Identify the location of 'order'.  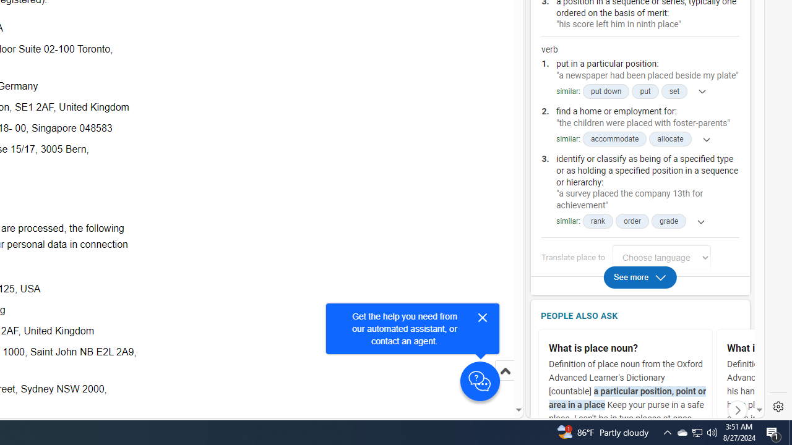
(632, 221).